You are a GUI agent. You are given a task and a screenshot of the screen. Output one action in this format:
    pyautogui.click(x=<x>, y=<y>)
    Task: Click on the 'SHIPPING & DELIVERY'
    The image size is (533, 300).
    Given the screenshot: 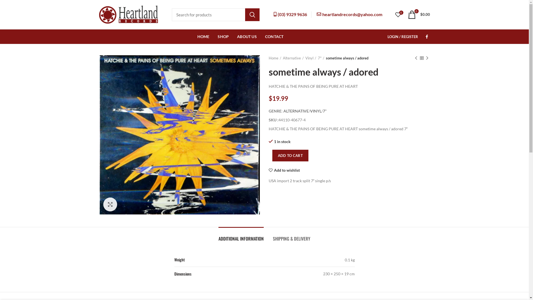 What is the action you would take?
    pyautogui.click(x=291, y=236)
    